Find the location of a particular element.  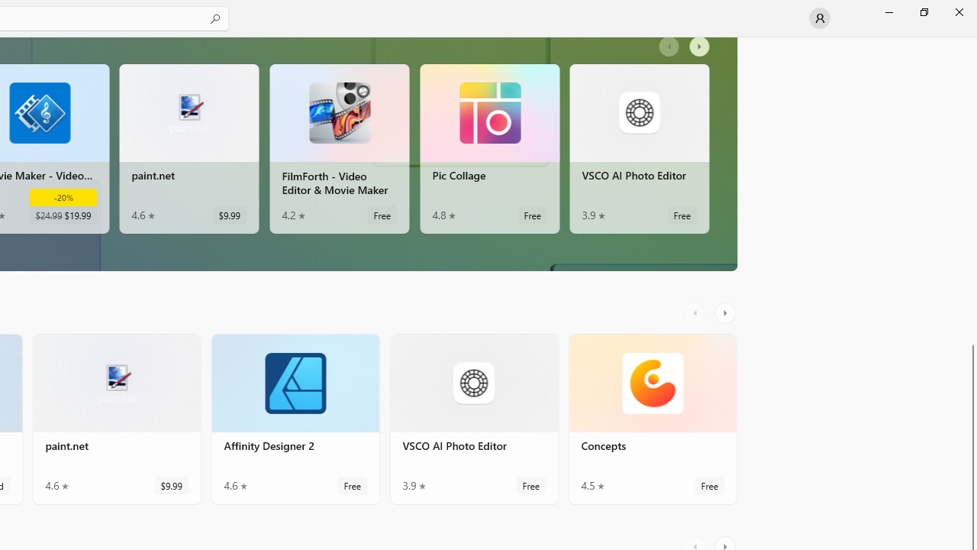

'Close Microsoft Store' is located at coordinates (958, 11).